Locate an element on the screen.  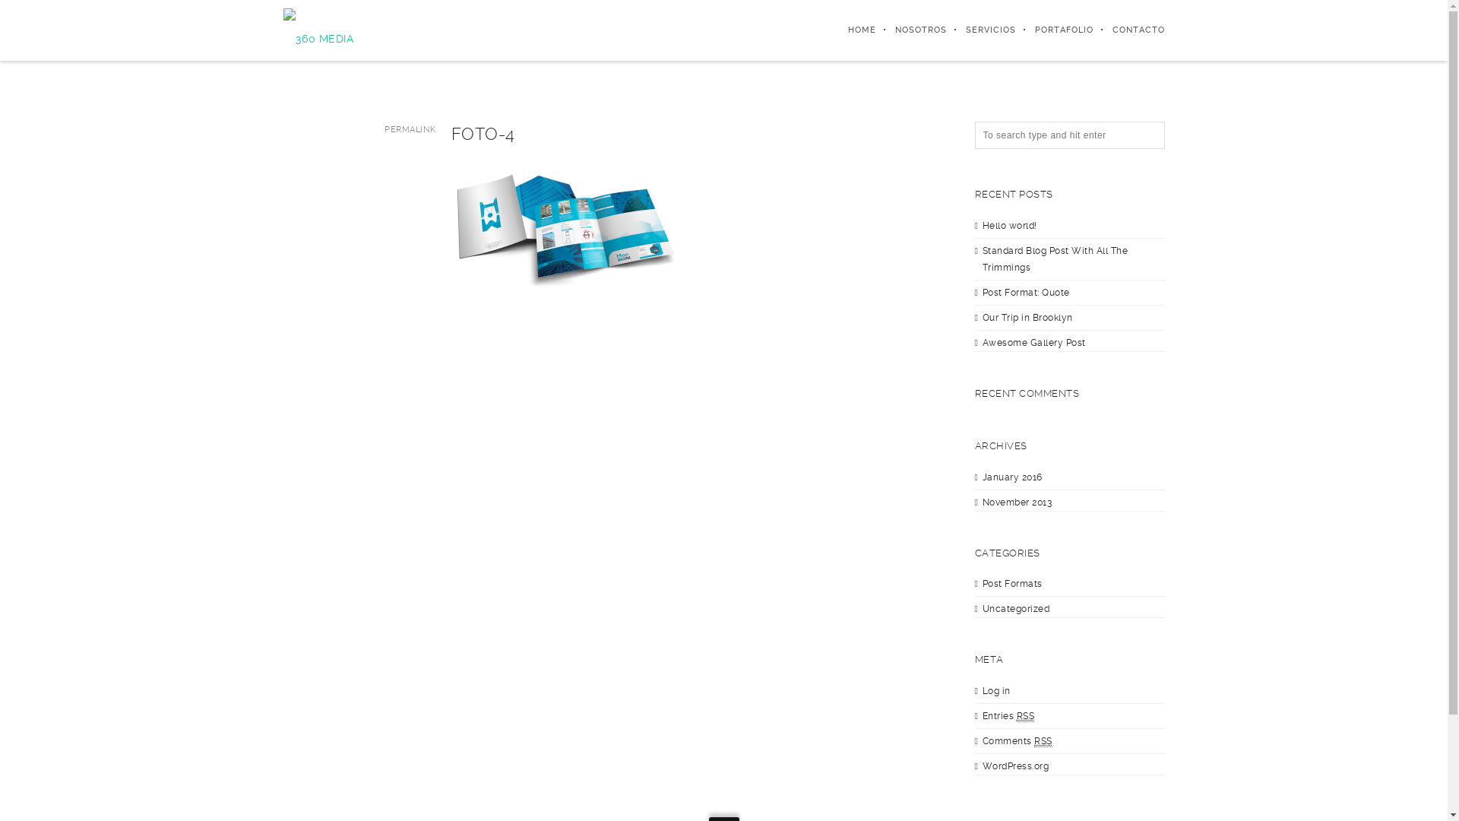
'Standard Blog Post With All The Trimmings' is located at coordinates (981, 257).